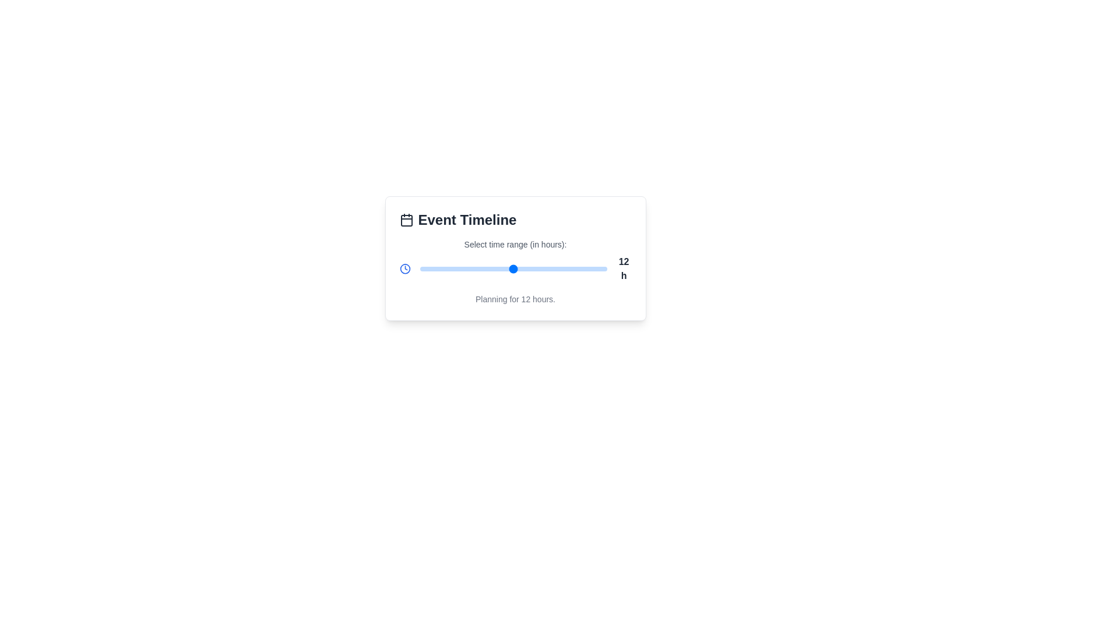 The height and width of the screenshot is (629, 1119). What do you see at coordinates (442, 269) in the screenshot?
I see `the number of hours` at bounding box center [442, 269].